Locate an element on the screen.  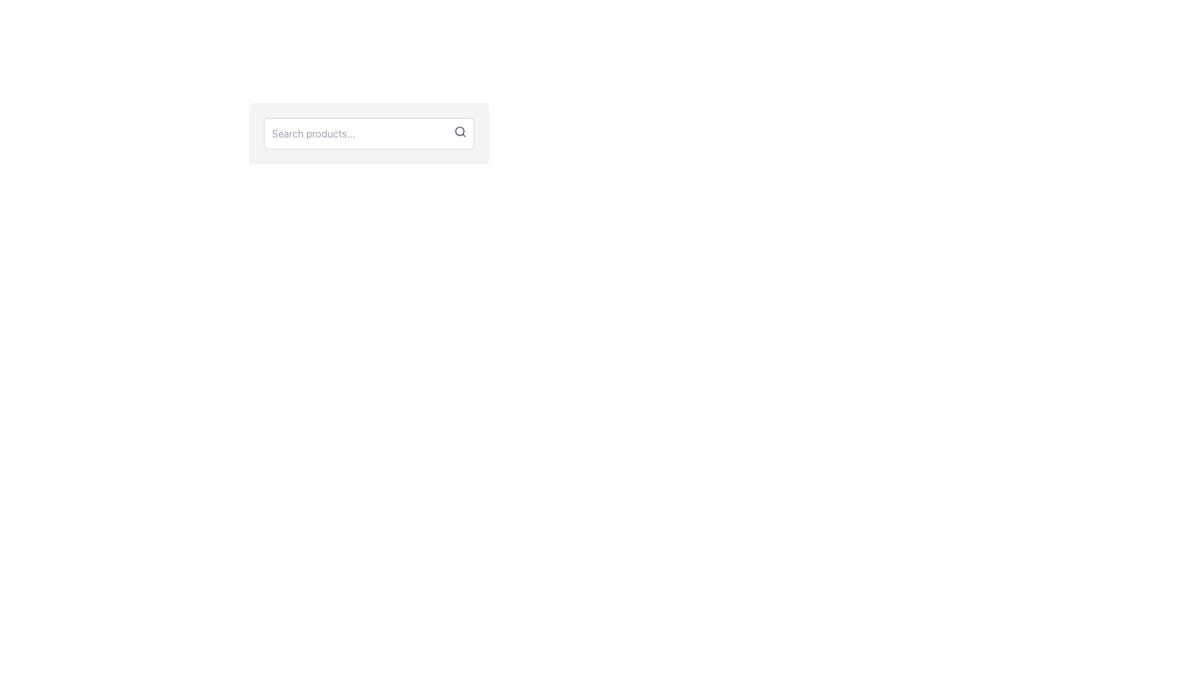
the circular graphic element that is part of the search icon located at the far right of the search bar is located at coordinates (459, 131).